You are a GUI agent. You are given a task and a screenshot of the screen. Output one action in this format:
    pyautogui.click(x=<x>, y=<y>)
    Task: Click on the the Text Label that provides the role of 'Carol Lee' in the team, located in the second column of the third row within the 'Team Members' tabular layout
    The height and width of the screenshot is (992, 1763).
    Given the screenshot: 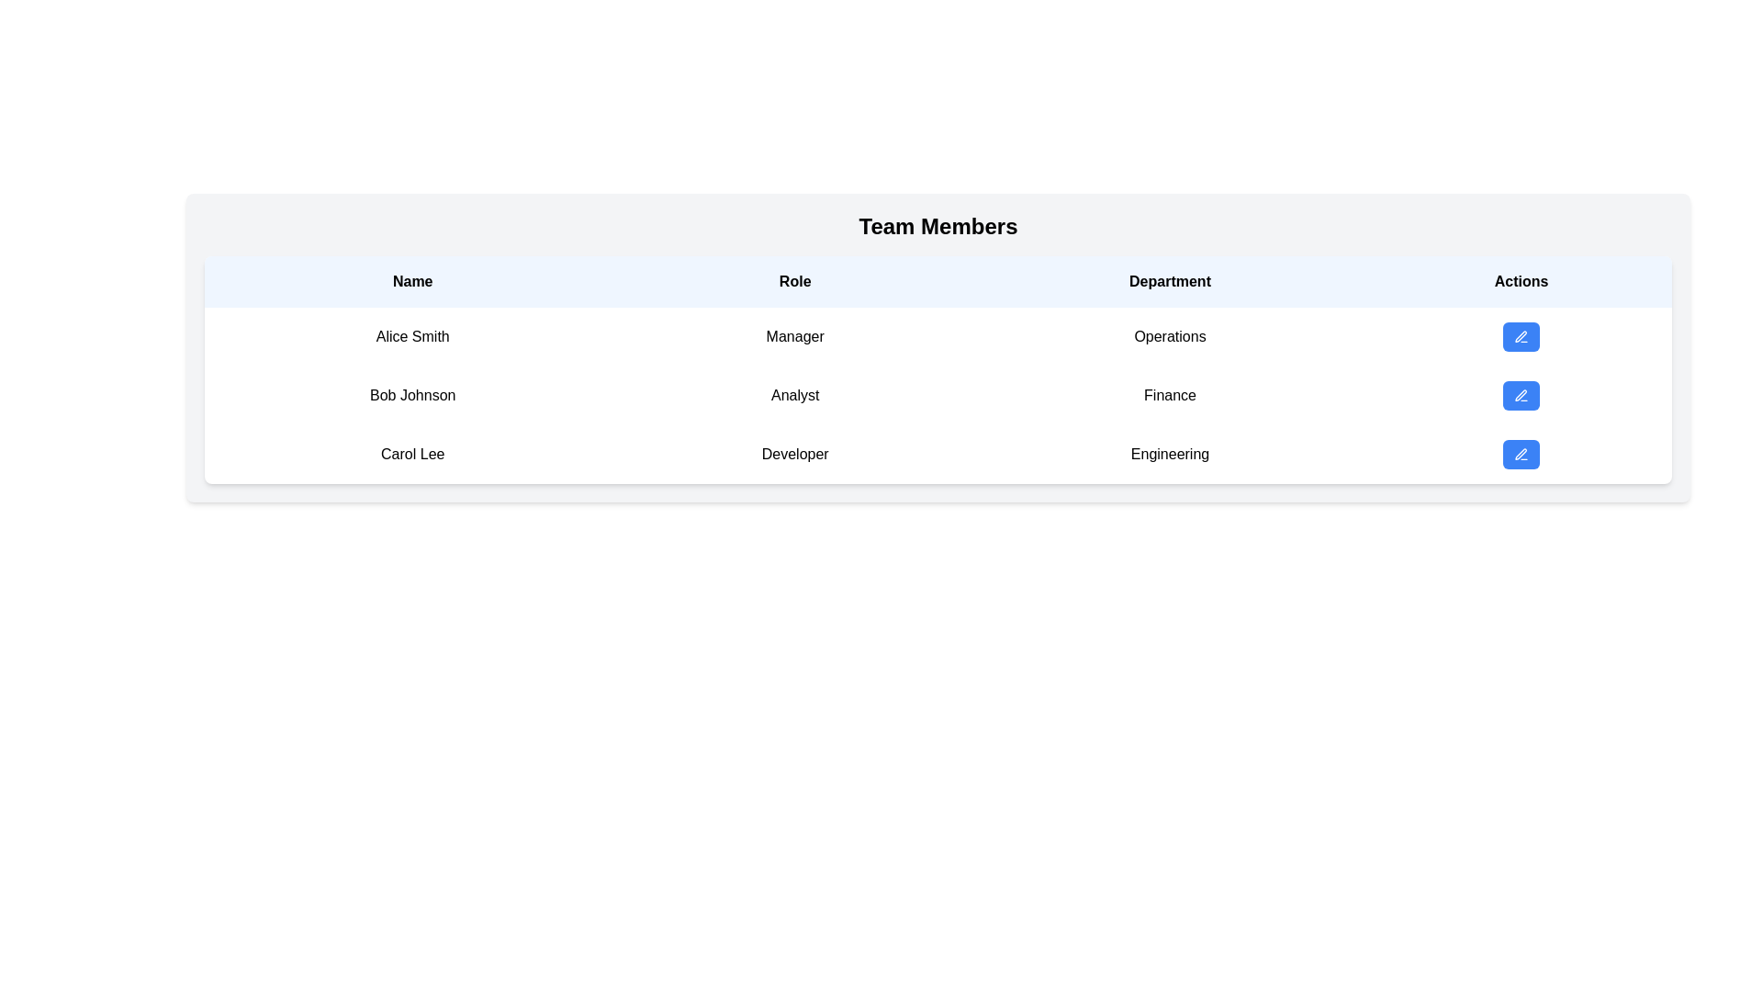 What is the action you would take?
    pyautogui.click(x=795, y=454)
    